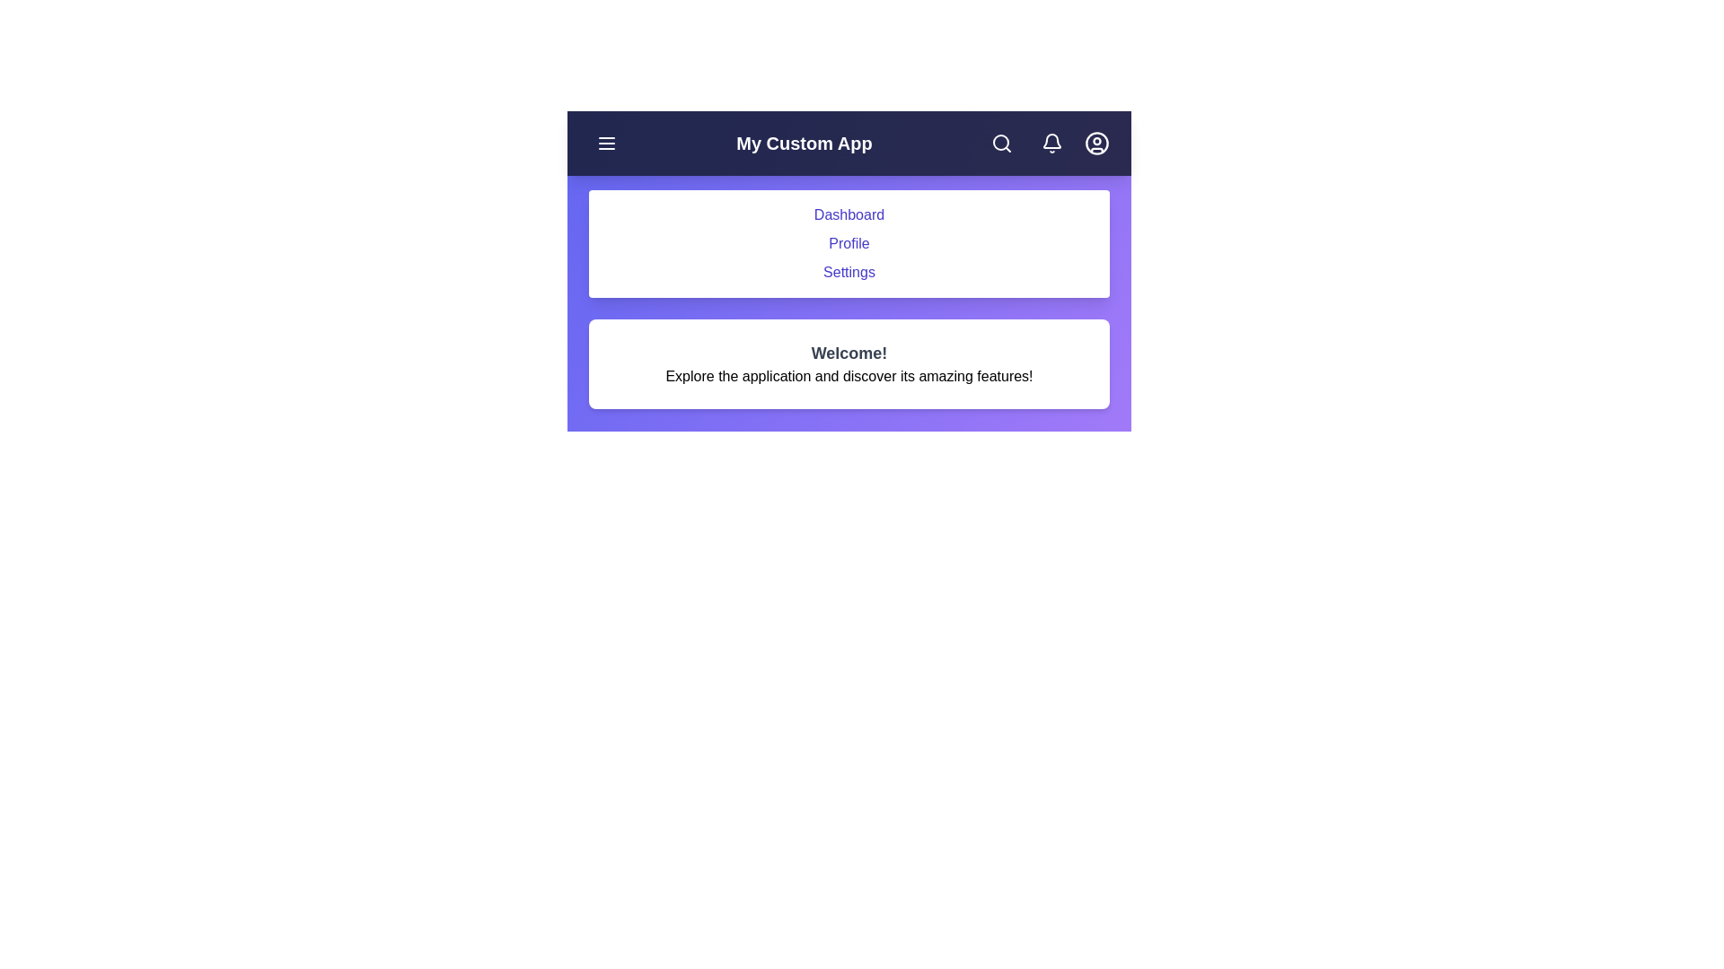  What do you see at coordinates (607, 142) in the screenshot?
I see `menu button to toggle the sidebar visibility` at bounding box center [607, 142].